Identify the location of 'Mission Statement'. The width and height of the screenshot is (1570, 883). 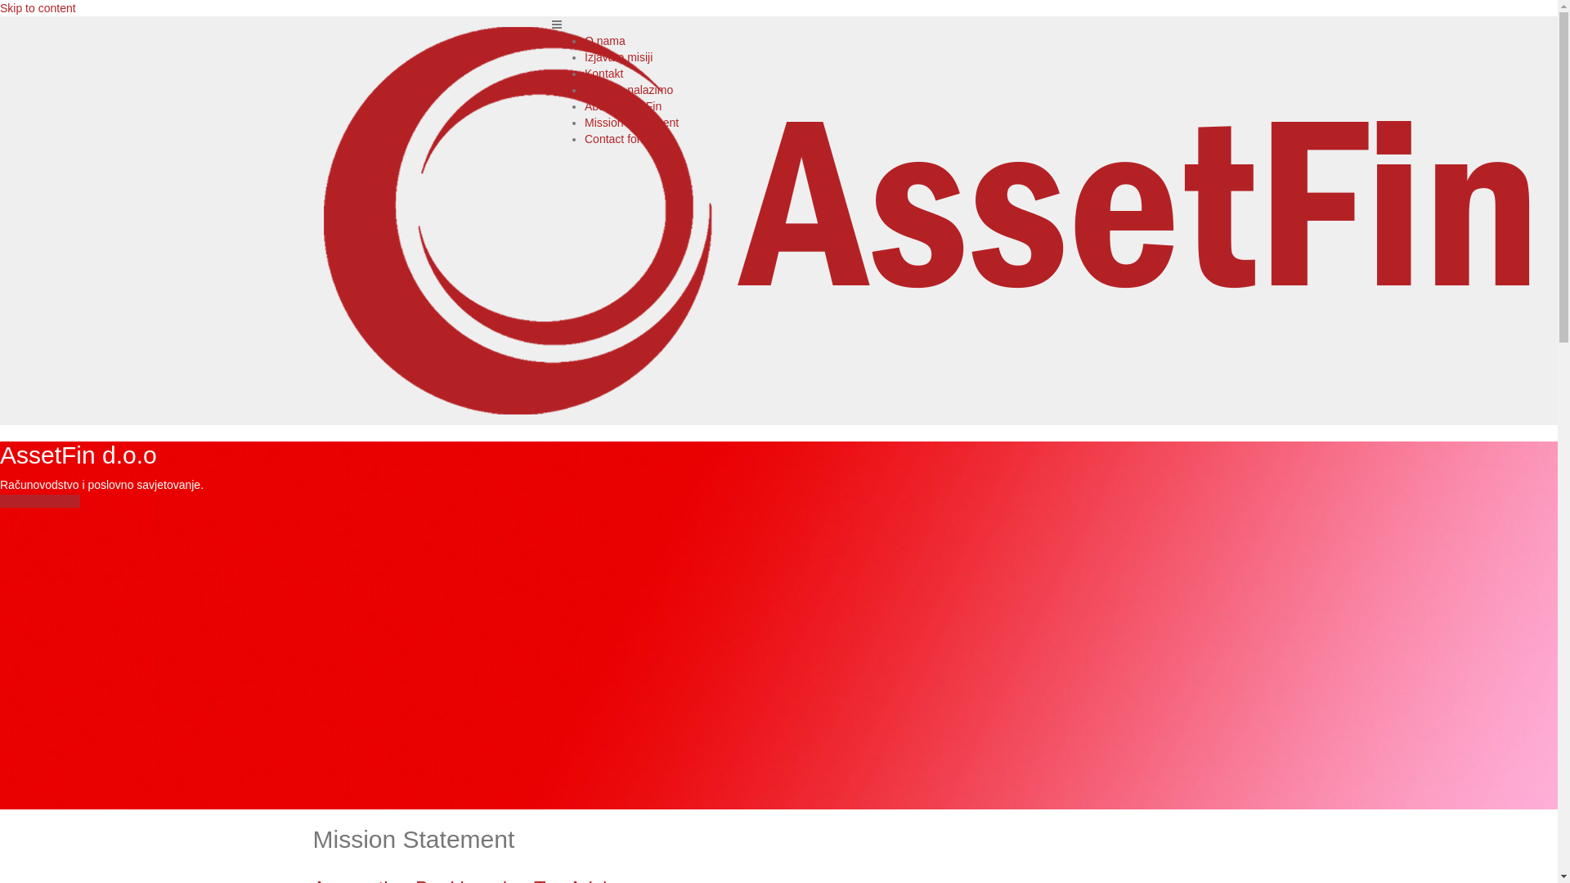
(630, 122).